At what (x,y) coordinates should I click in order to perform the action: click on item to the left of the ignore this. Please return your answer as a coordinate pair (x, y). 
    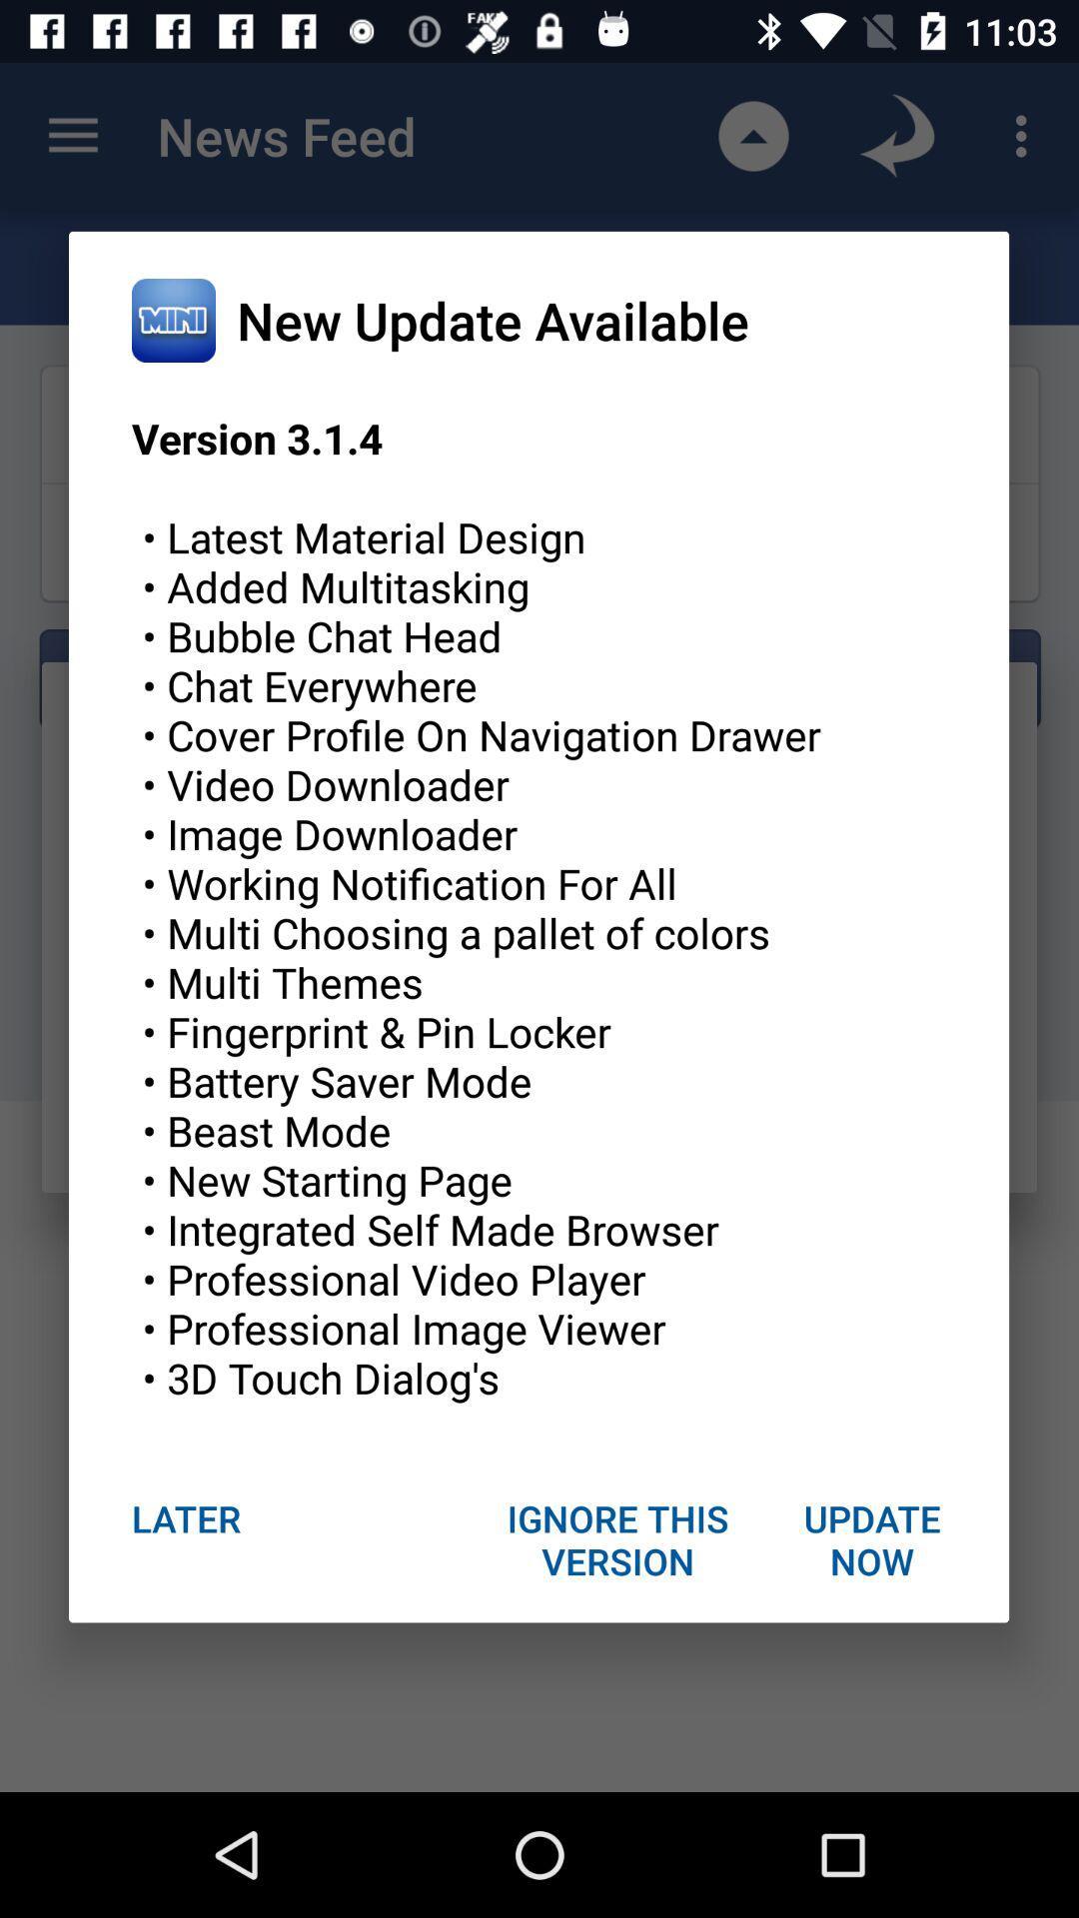
    Looking at the image, I should click on (186, 1518).